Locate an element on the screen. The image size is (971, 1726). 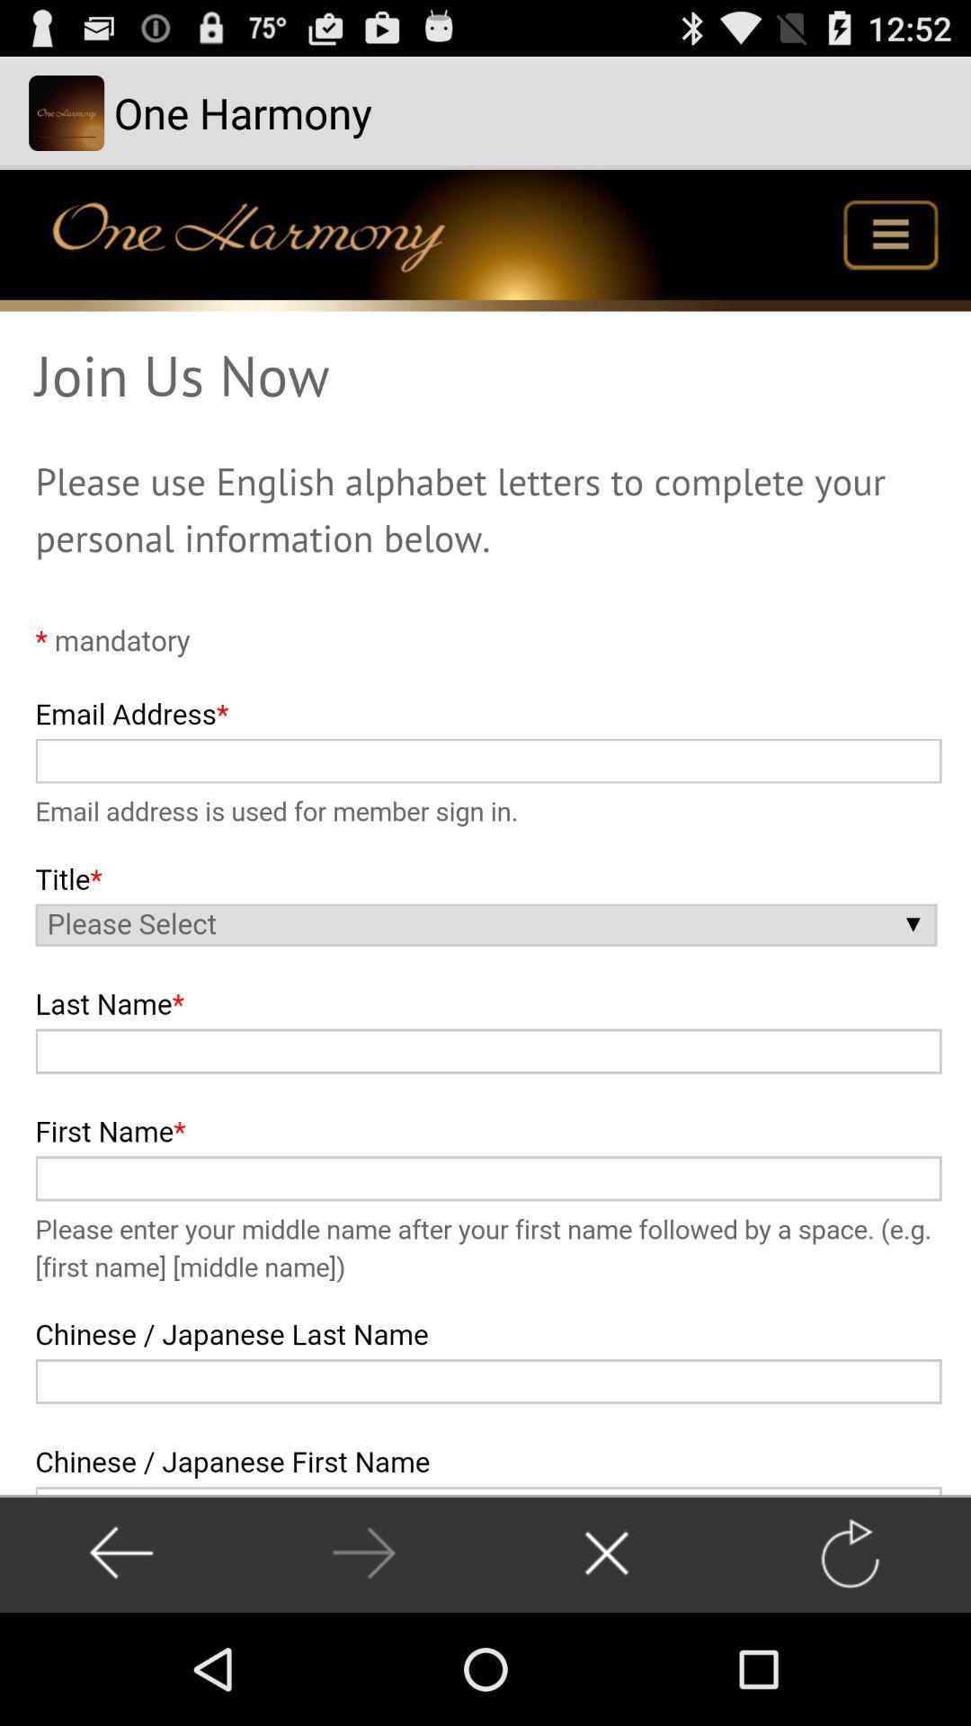
fill out profile is located at coordinates (485, 831).